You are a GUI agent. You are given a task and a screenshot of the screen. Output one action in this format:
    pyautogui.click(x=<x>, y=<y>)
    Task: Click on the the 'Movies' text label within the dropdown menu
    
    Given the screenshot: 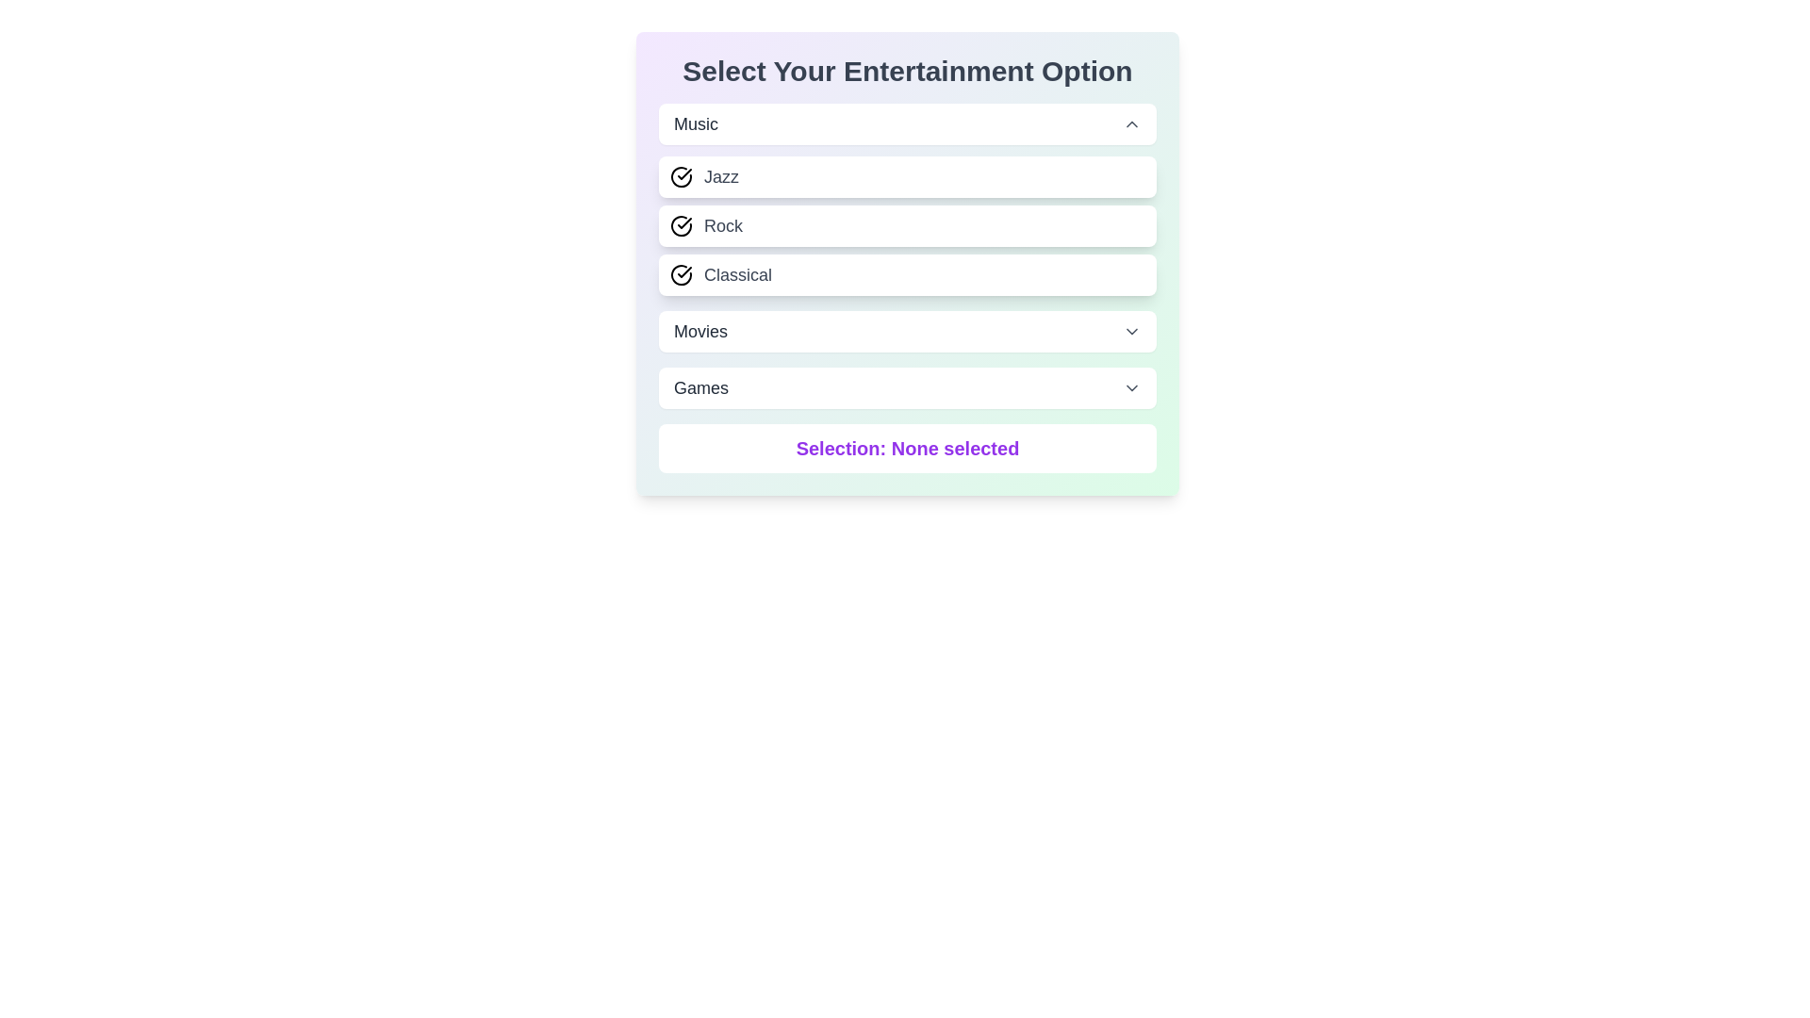 What is the action you would take?
    pyautogui.click(x=699, y=330)
    